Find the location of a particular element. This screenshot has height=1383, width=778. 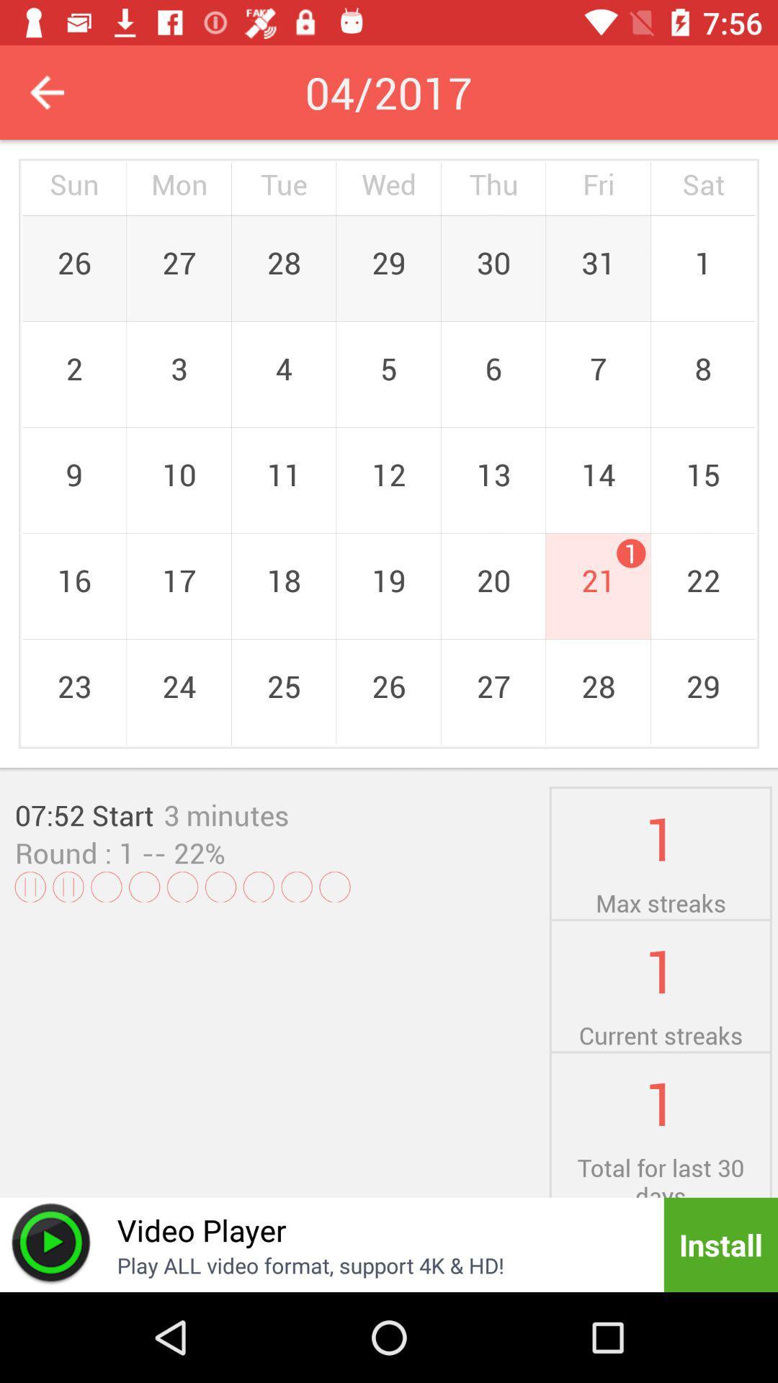

the item next to 1 is located at coordinates (179, 853).